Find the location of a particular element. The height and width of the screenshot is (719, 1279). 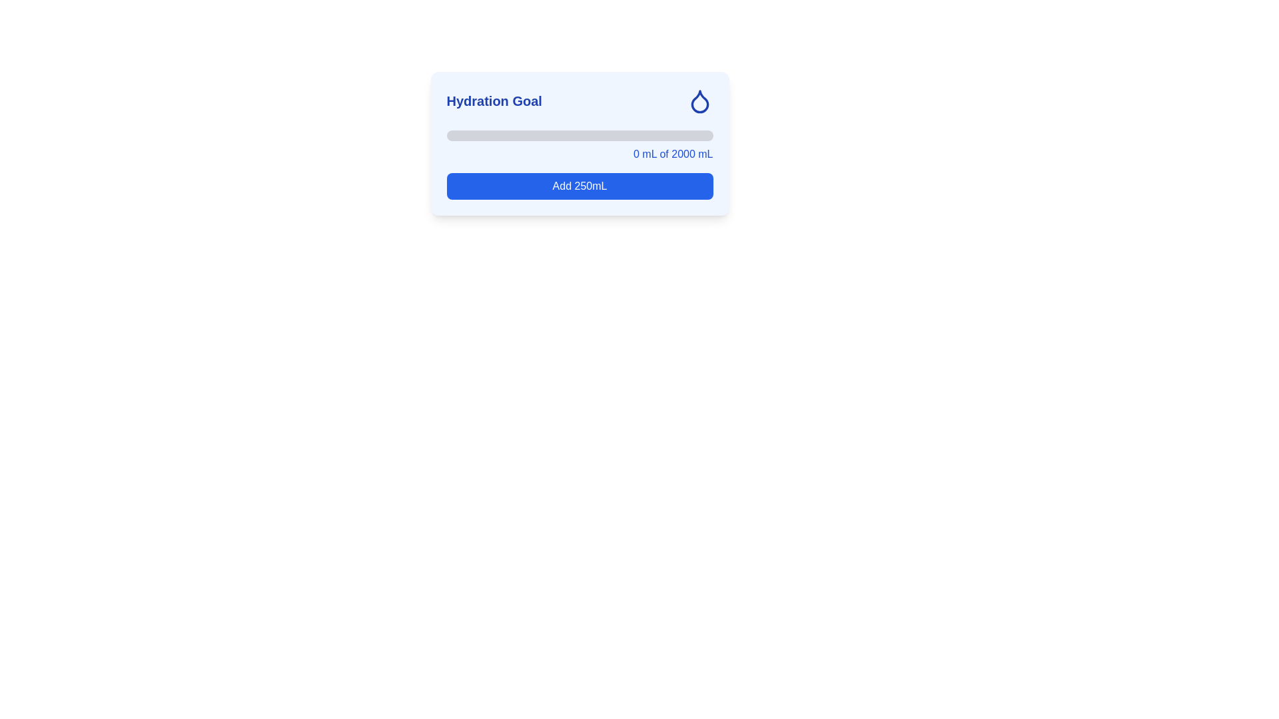

the progress bar indicating hydration goal, which displays '0 mL of 2000 mL' is located at coordinates (580, 146).